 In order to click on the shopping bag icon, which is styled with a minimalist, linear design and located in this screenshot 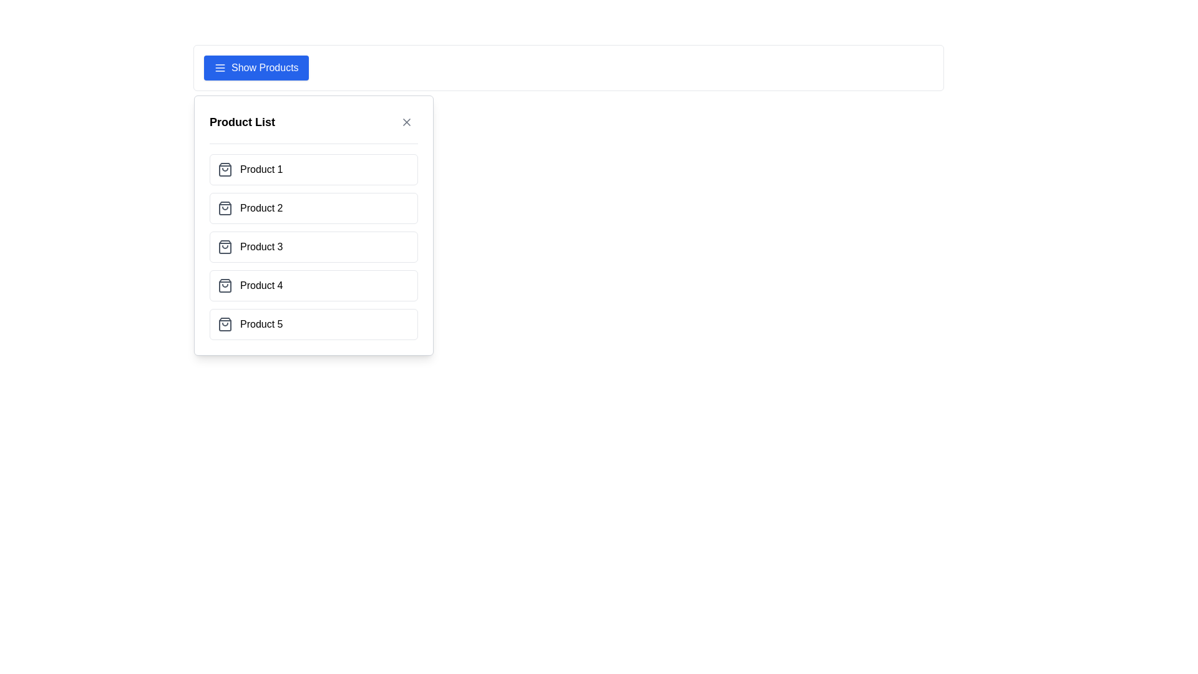, I will do `click(225, 208)`.